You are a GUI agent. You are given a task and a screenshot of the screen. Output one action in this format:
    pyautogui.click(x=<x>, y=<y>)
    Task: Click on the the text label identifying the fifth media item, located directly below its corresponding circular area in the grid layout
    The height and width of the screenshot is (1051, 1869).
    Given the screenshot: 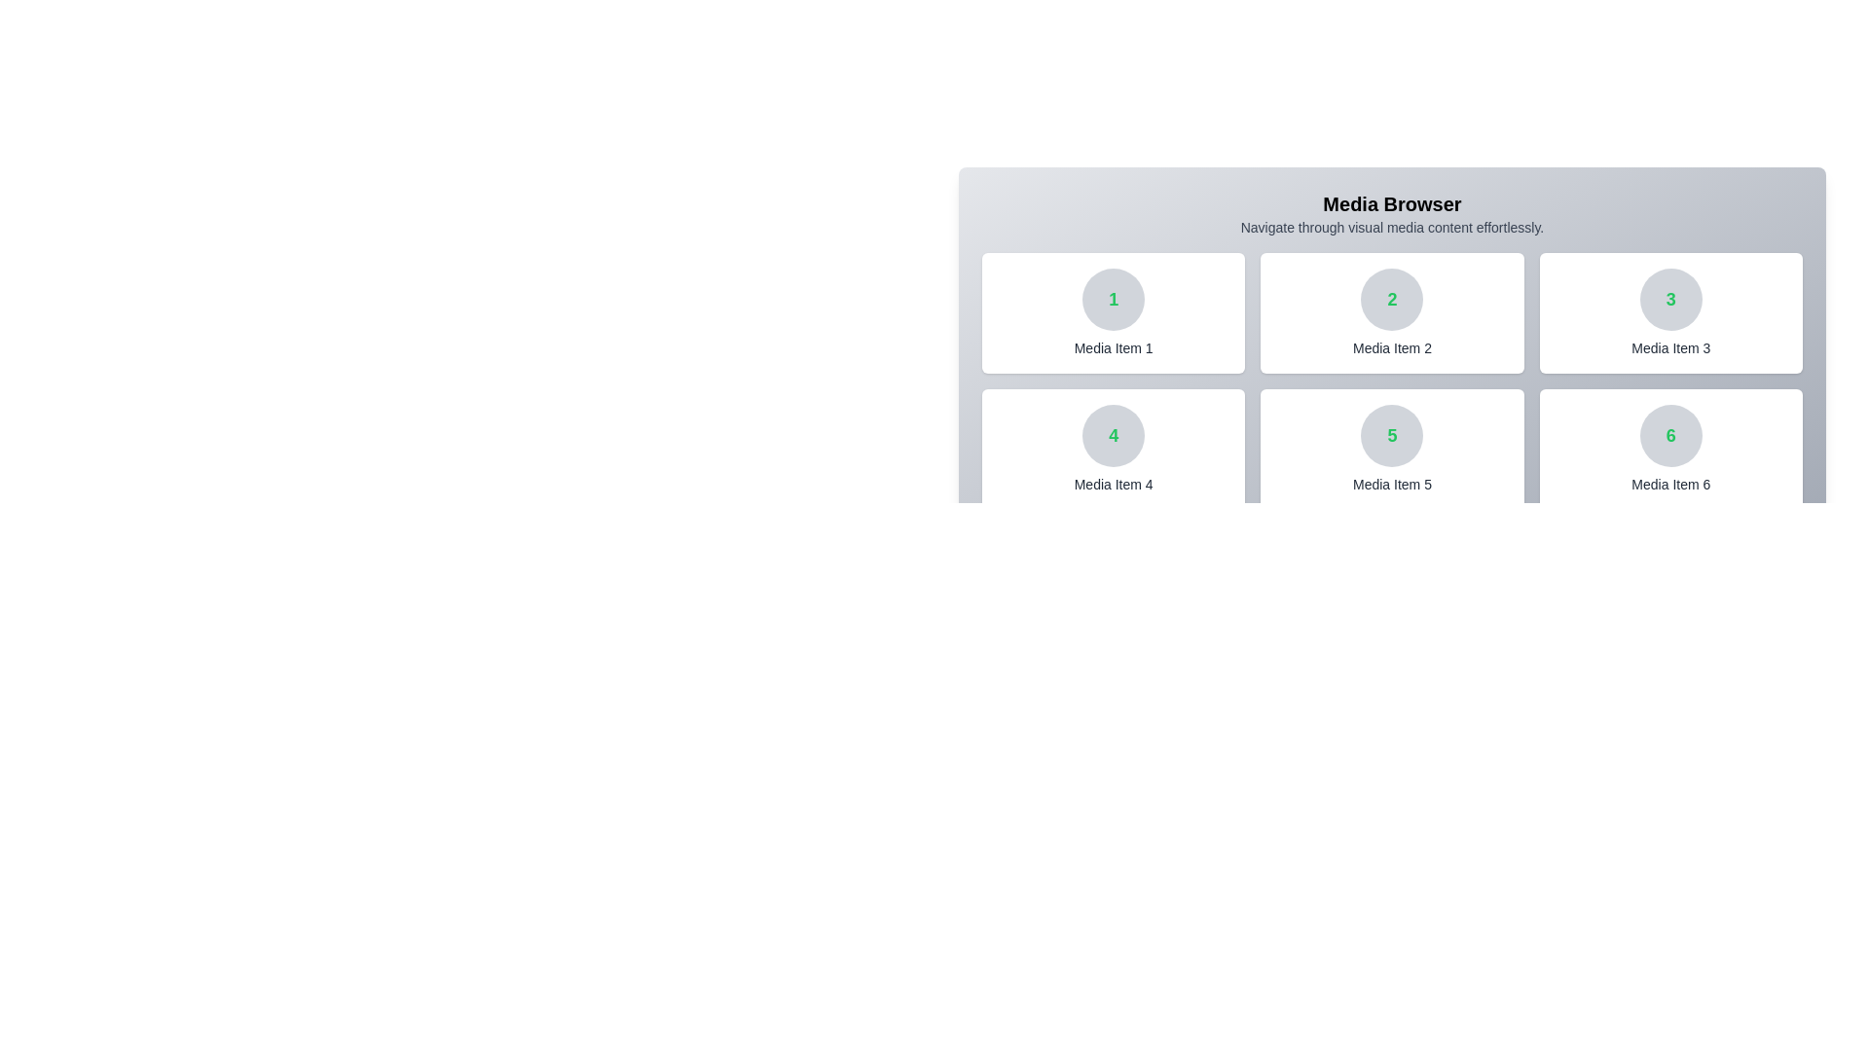 What is the action you would take?
    pyautogui.click(x=1391, y=483)
    